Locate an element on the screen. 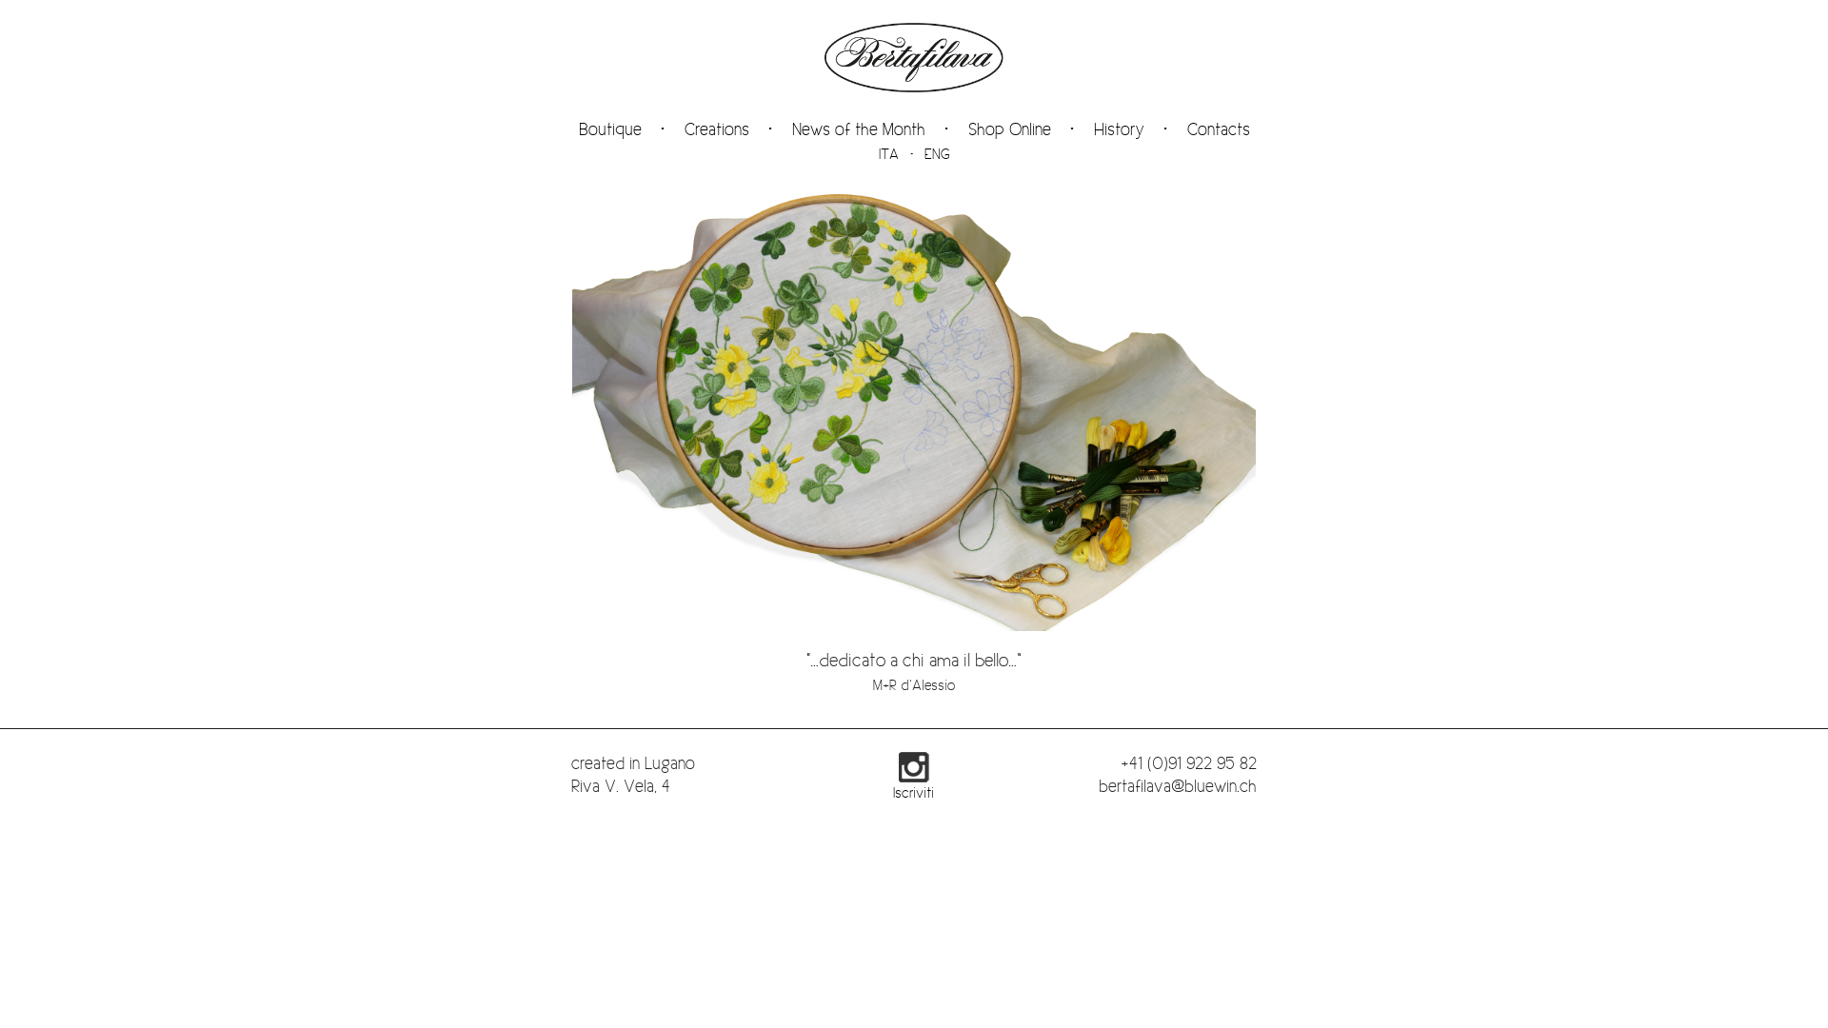 This screenshot has width=1828, height=1028. 'Contacts' is located at coordinates (1185, 128).